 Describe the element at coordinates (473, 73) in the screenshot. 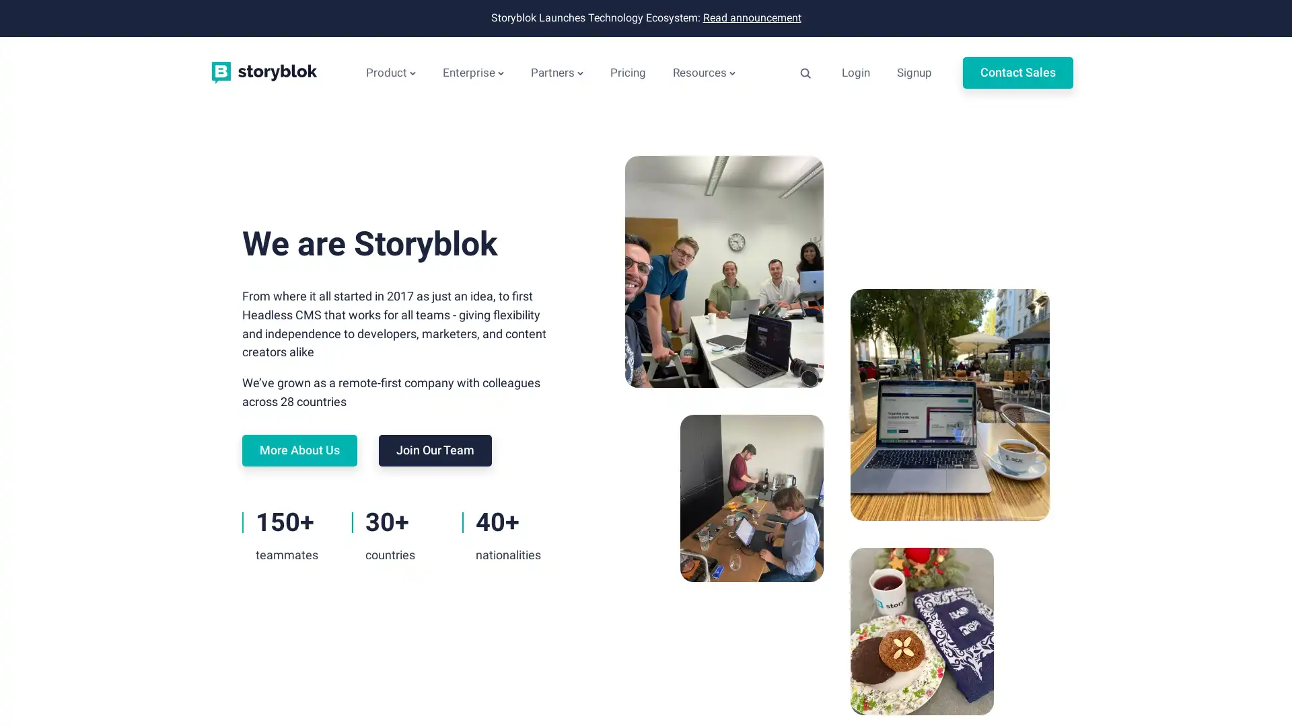

I see `Enterprise` at that location.